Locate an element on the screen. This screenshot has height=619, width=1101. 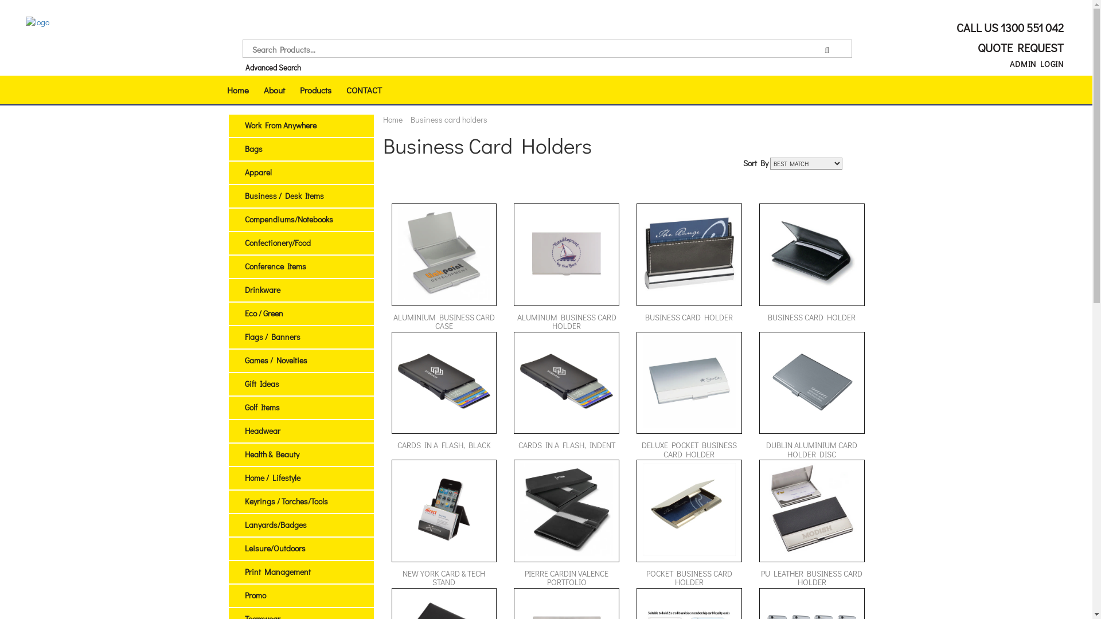
'Flags / Banners' is located at coordinates (271, 336).